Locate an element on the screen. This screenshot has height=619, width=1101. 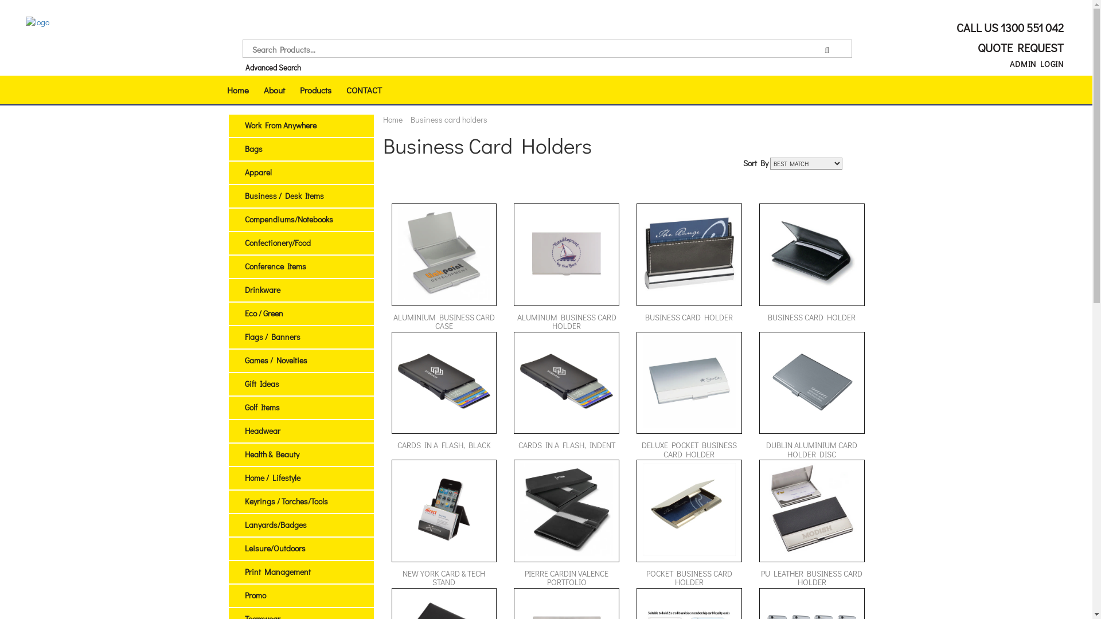
'Flags / Banners' is located at coordinates (271, 336).